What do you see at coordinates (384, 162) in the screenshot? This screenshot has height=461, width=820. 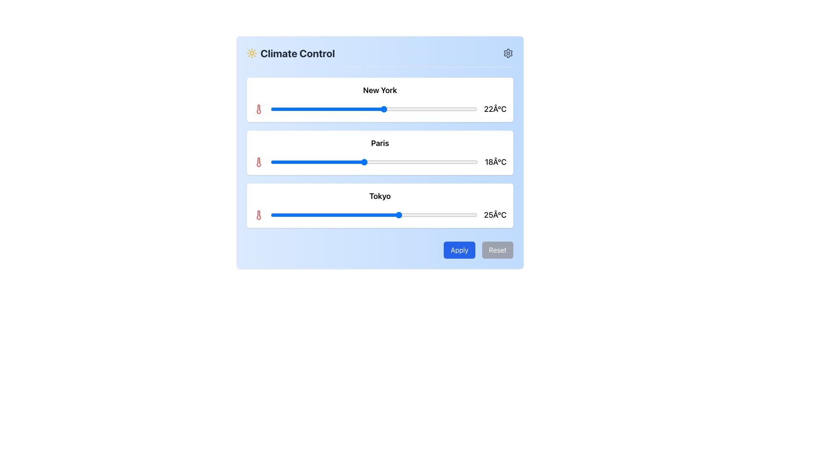 I see `the Paris temperature slider` at bounding box center [384, 162].